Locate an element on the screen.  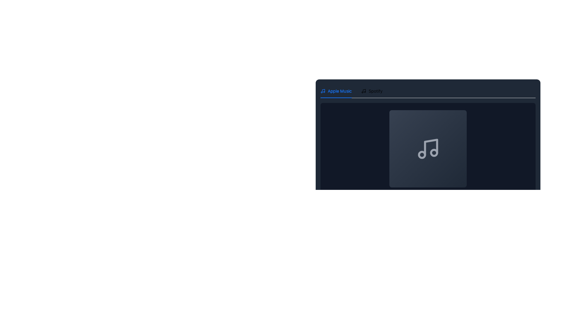
the small music note icon located to the left of the text in the 'Apple Music' section, which is styled with a minimalistic design and rendered in a light color is located at coordinates (323, 91).